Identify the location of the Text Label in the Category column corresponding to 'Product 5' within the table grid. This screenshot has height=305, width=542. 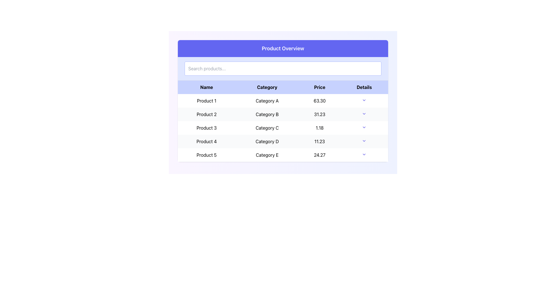
(267, 155).